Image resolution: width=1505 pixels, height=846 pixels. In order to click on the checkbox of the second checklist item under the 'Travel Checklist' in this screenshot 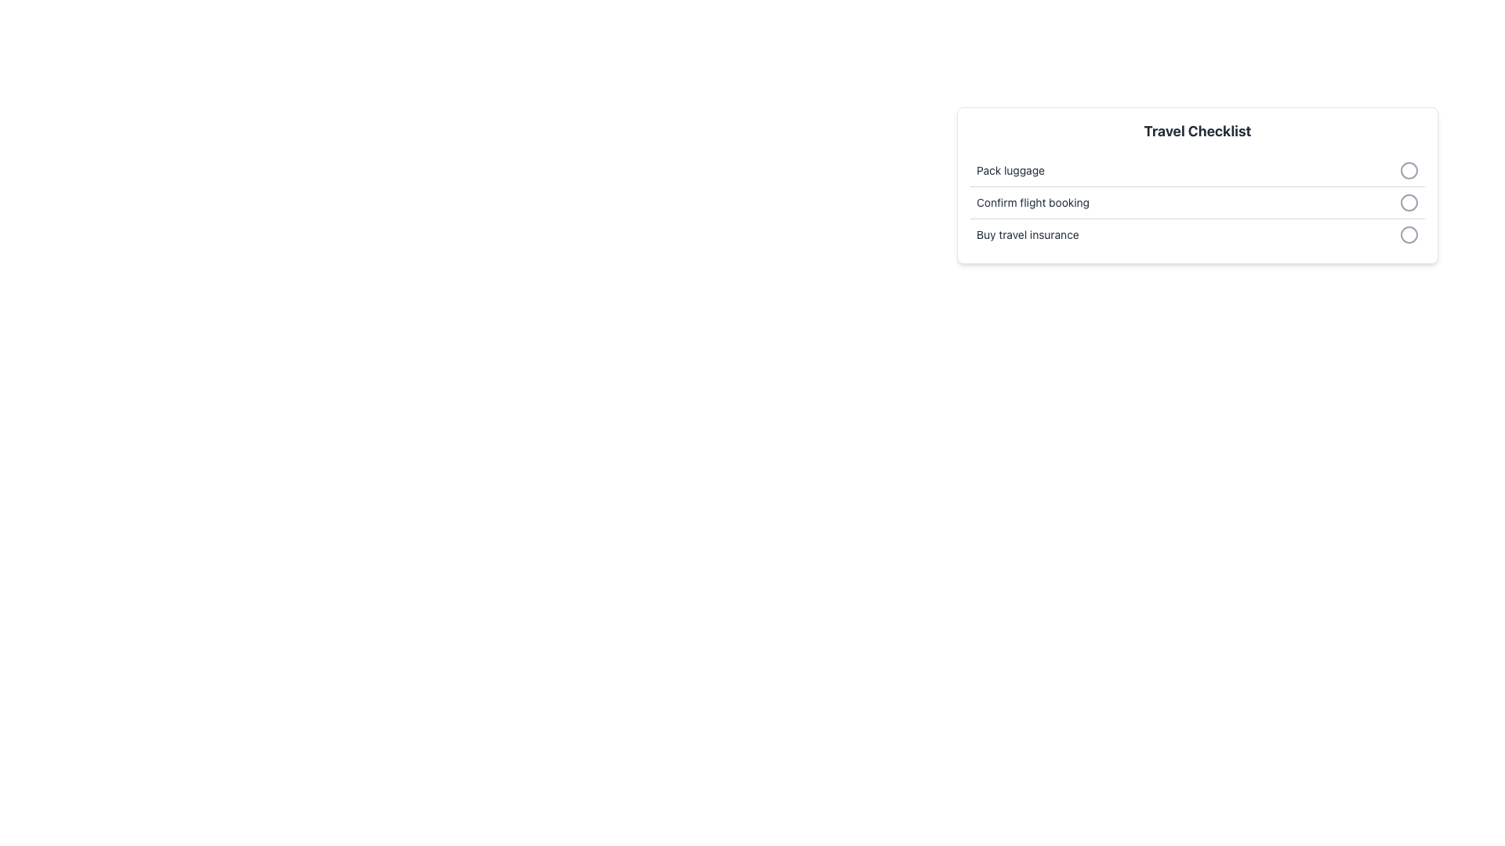, I will do `click(1196, 201)`.